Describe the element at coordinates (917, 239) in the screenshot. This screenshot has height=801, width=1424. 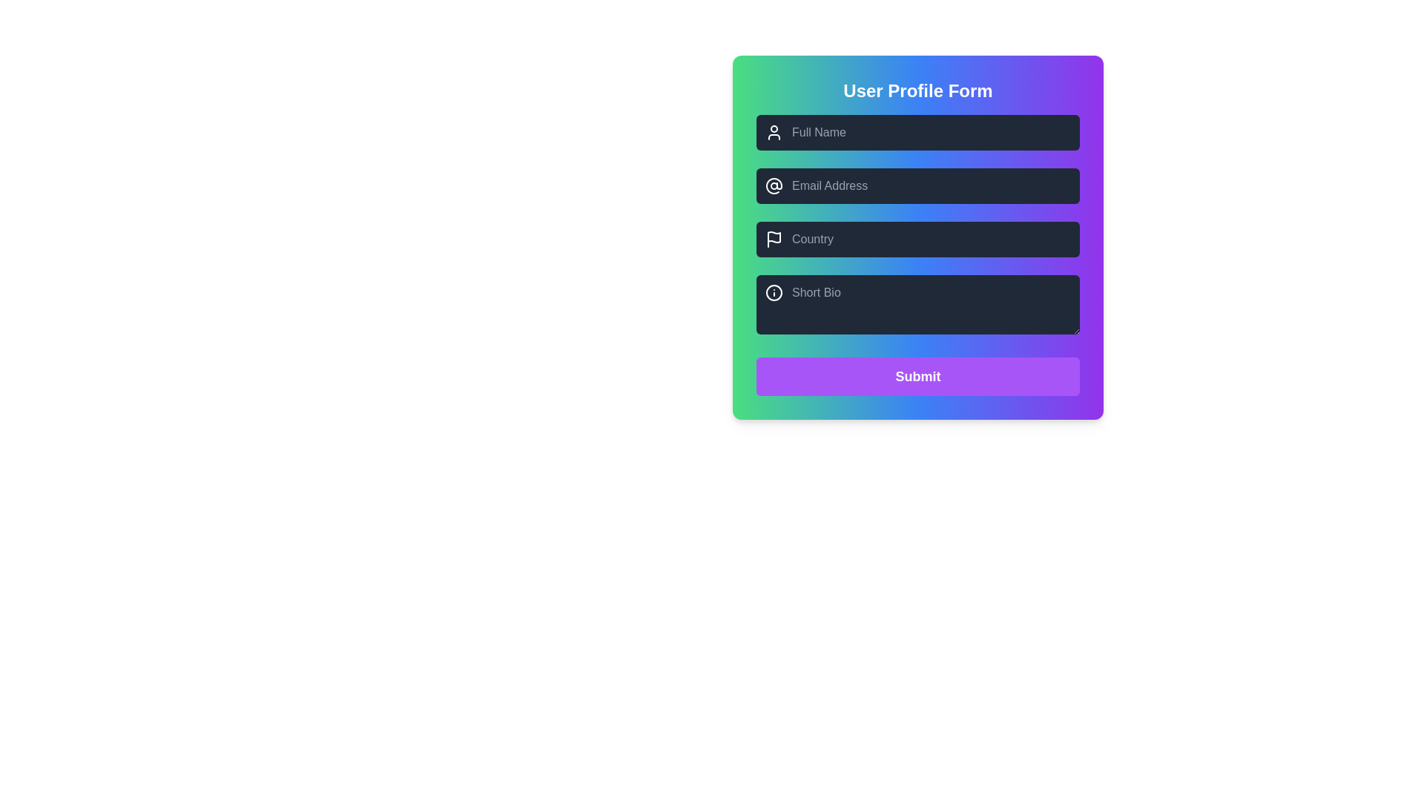
I see `the third input field labeled 'Country' to focus on it` at that location.